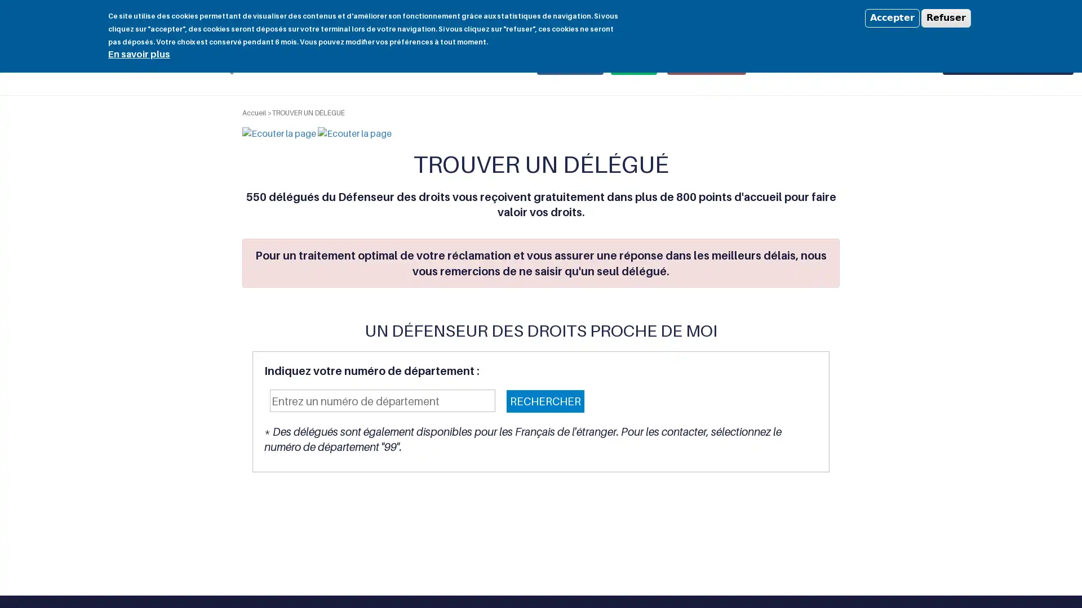  What do you see at coordinates (546, 400) in the screenshot?
I see `RECHERCHER` at bounding box center [546, 400].